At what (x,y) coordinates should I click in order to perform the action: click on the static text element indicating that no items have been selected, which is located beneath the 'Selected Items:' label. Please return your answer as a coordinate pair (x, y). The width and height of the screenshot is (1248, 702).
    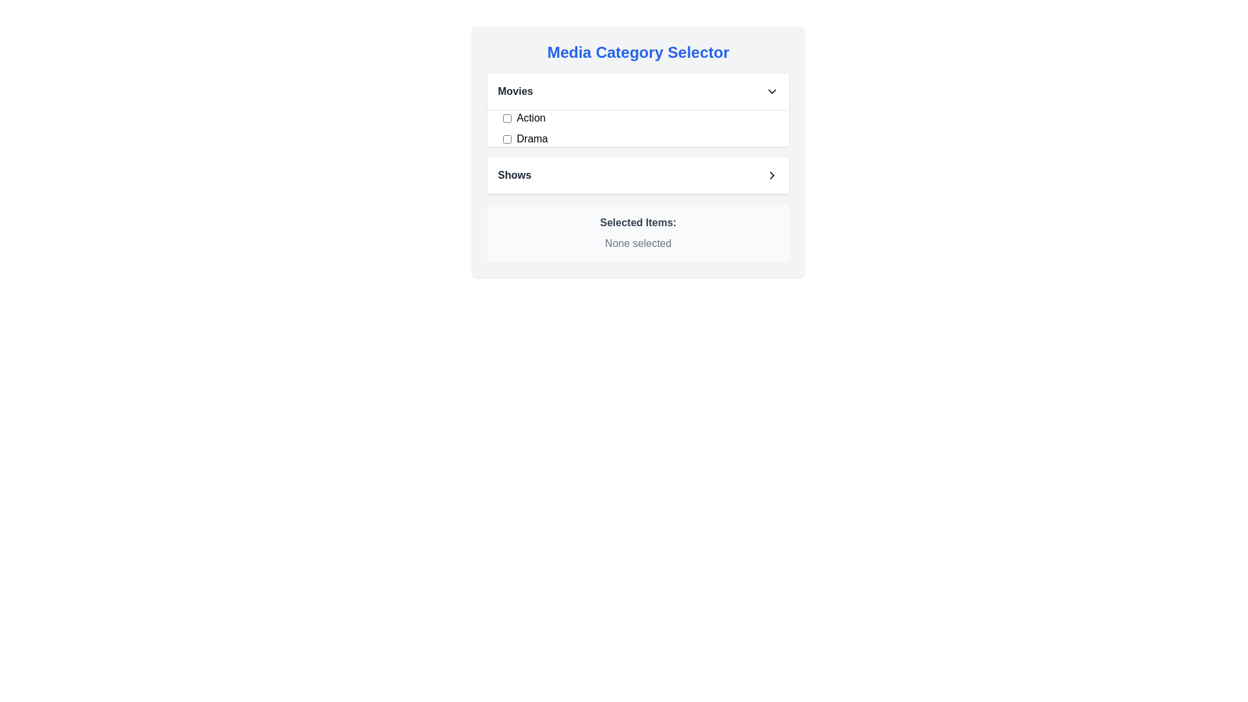
    Looking at the image, I should click on (638, 243).